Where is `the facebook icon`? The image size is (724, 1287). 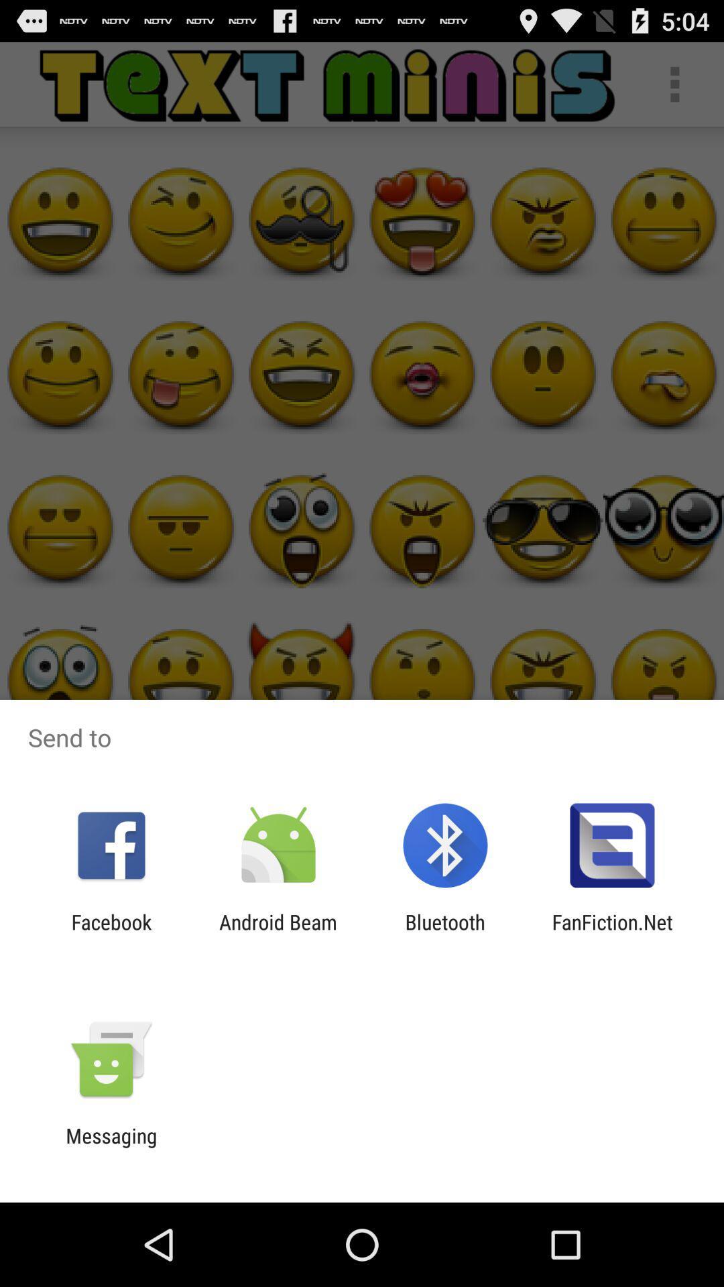 the facebook icon is located at coordinates (111, 933).